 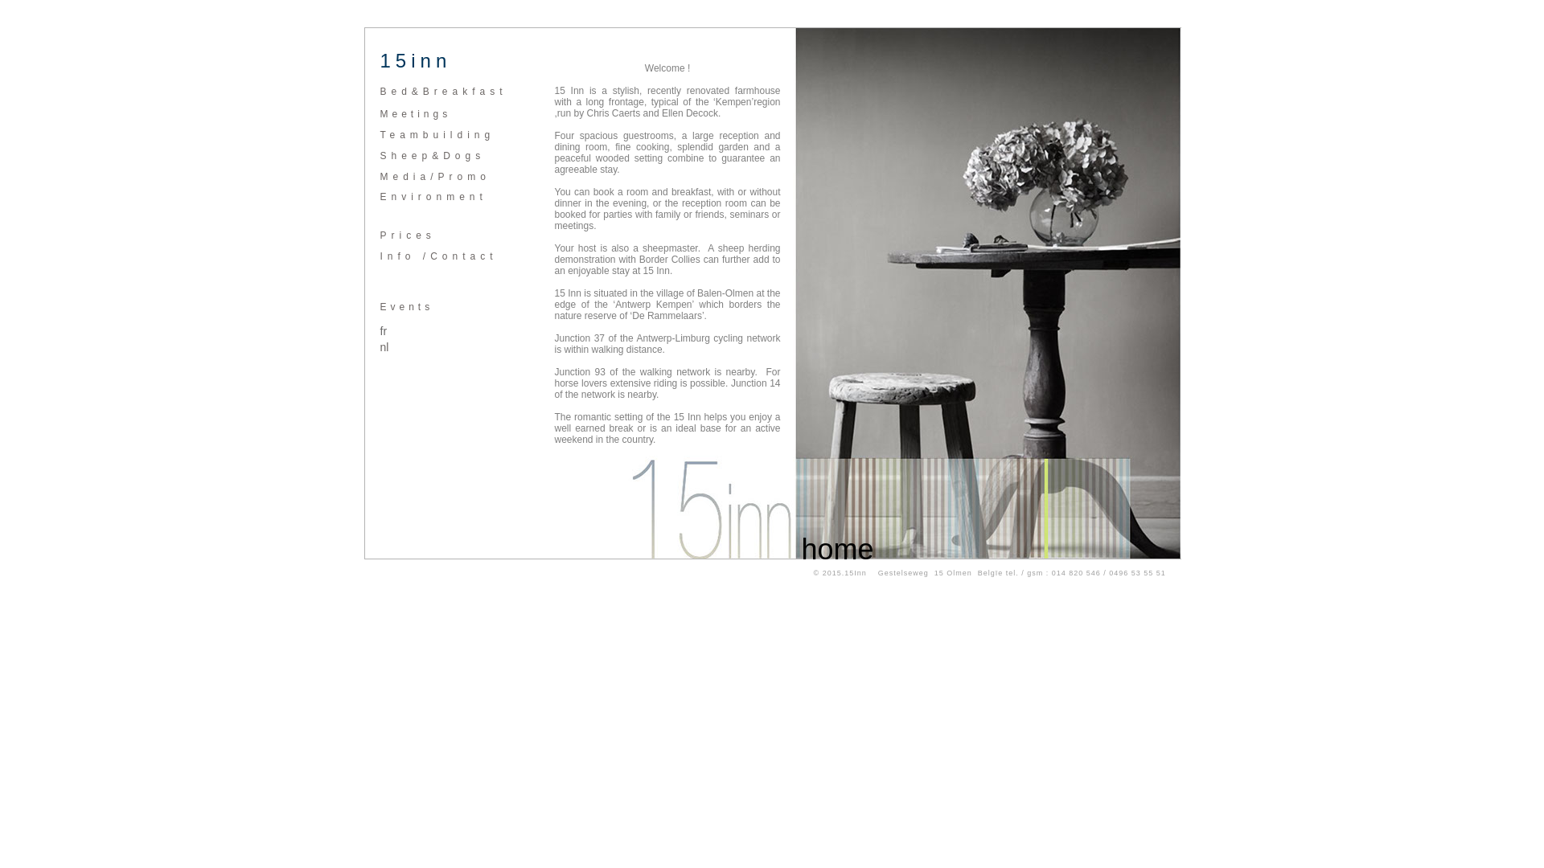 I want to click on 'Media/Promo', so click(x=434, y=176).